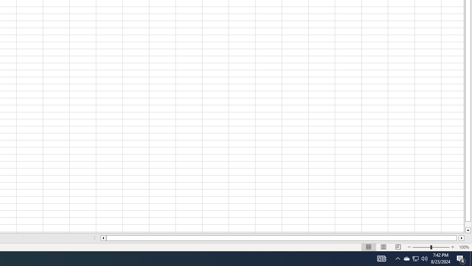 The width and height of the screenshot is (472, 266). I want to click on 'Class: NetUIScrollBar', so click(282, 238).